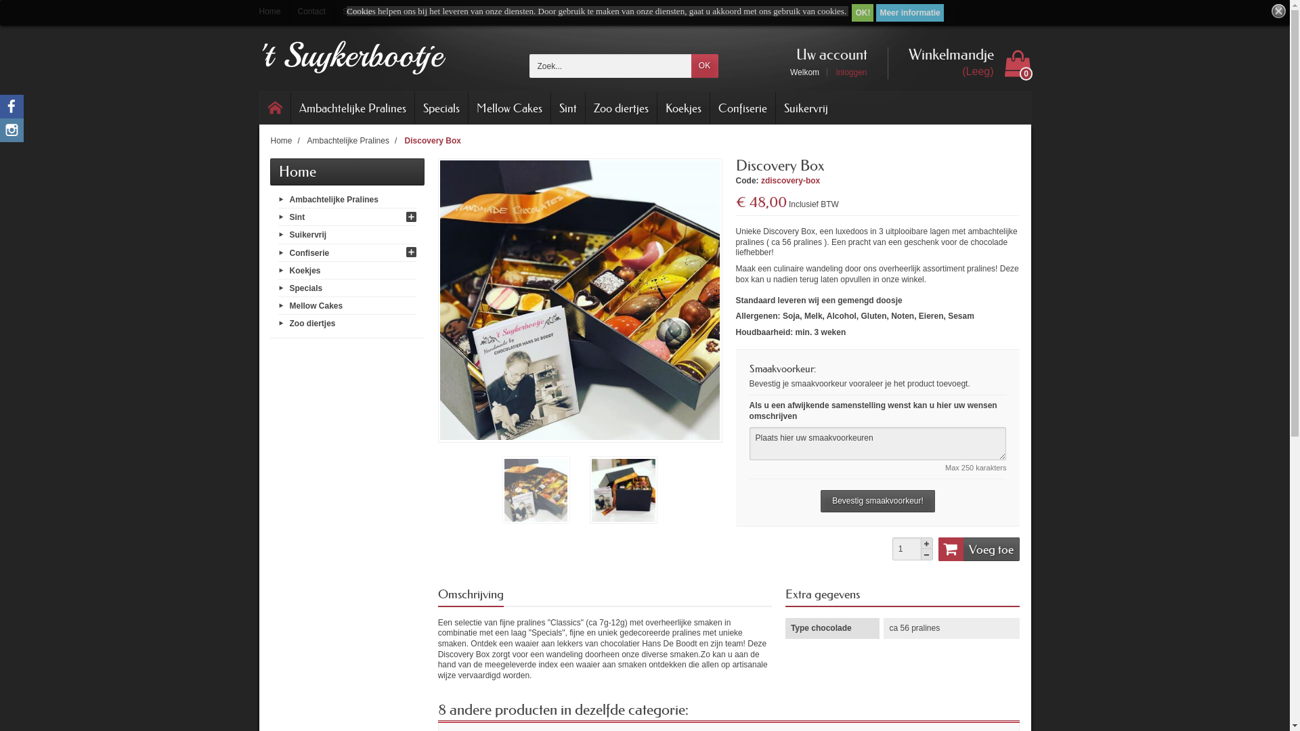  I want to click on 'Koekjes', so click(305, 269).